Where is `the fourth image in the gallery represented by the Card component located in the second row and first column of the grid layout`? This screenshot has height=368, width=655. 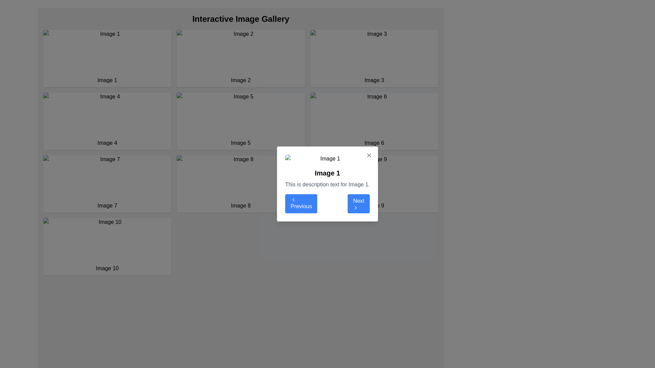 the fourth image in the gallery represented by the Card component located in the second row and first column of the grid layout is located at coordinates (107, 121).